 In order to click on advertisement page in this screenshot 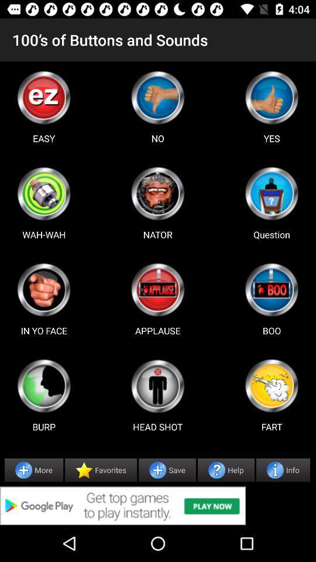, I will do `click(157, 97)`.